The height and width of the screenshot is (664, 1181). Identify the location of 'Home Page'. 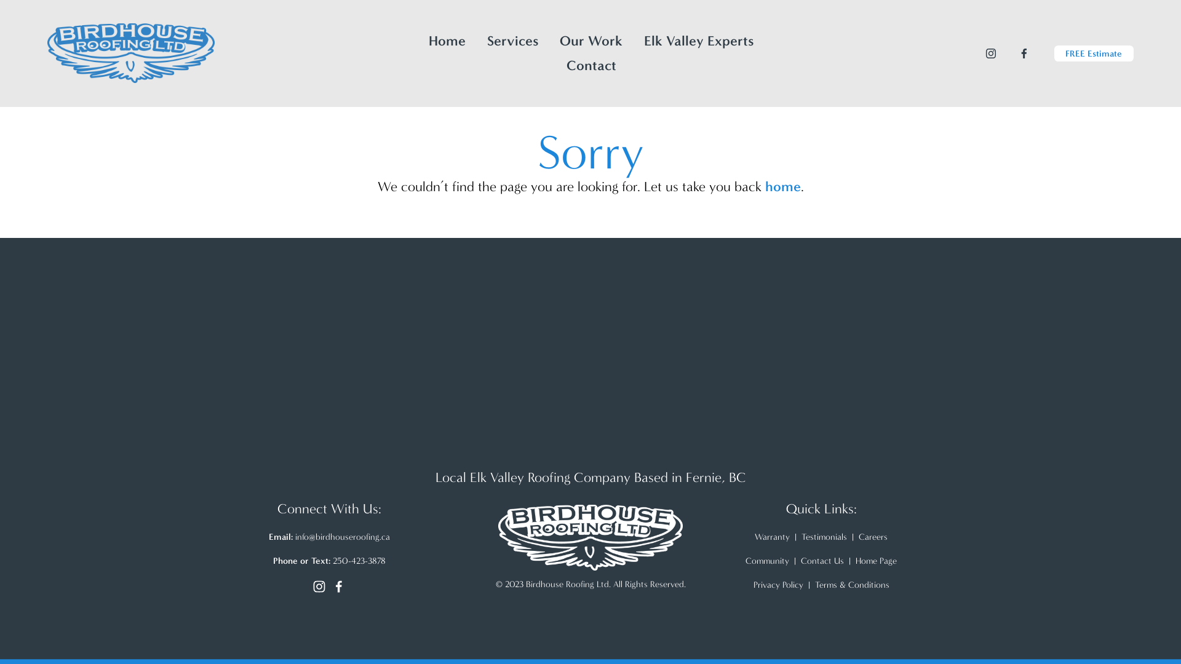
(875, 561).